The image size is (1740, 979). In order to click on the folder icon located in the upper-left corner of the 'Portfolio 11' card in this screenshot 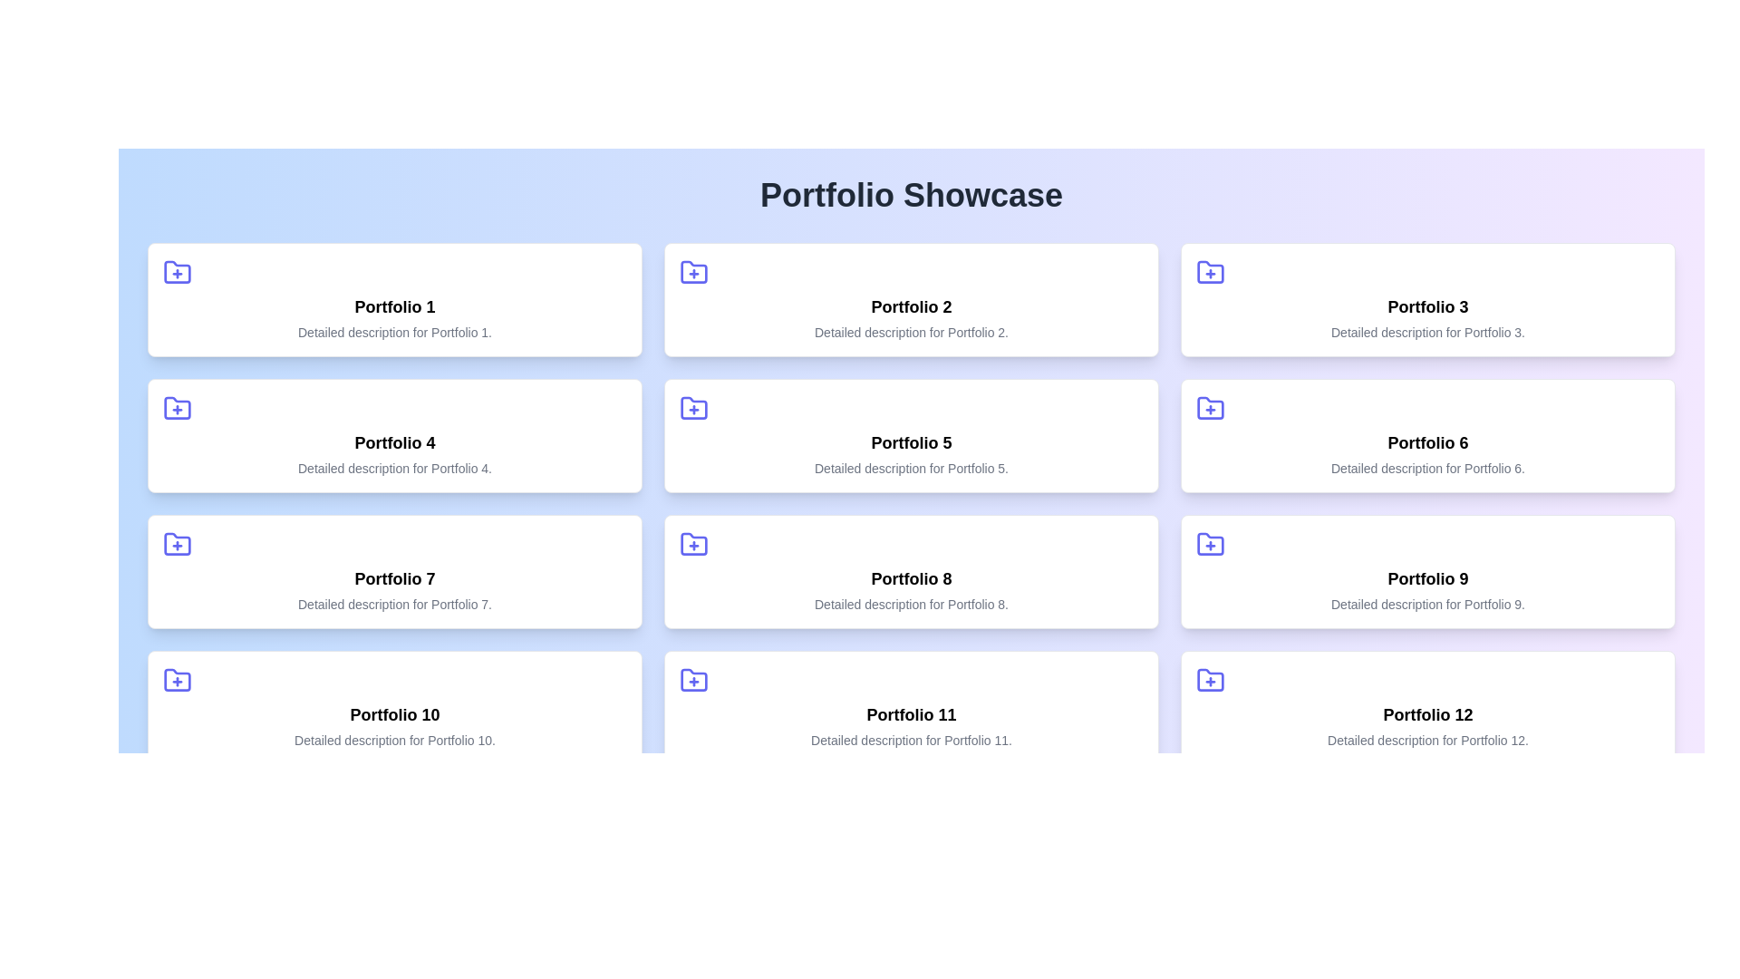, I will do `click(693, 679)`.